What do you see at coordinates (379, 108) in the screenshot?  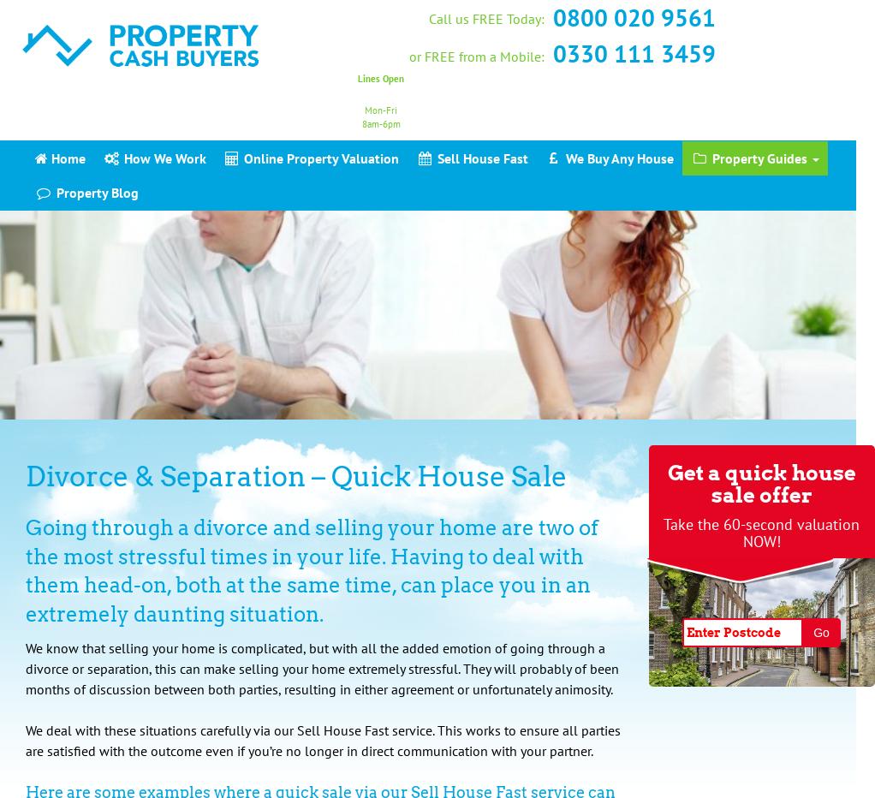 I see `'Mon-Fri'` at bounding box center [379, 108].